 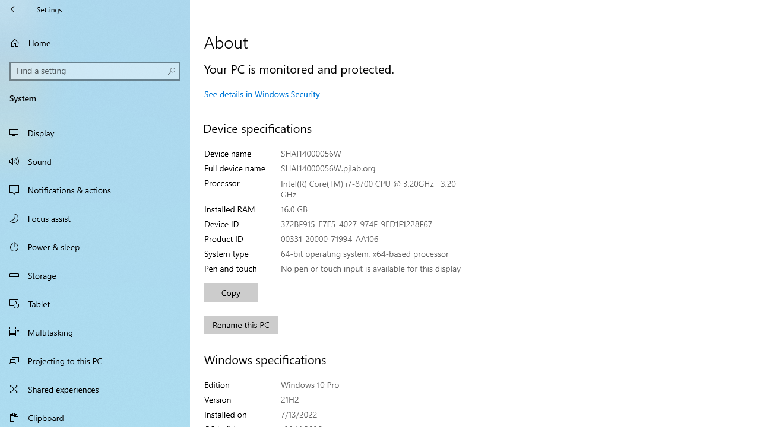 What do you see at coordinates (95, 42) in the screenshot?
I see `'Home'` at bounding box center [95, 42].